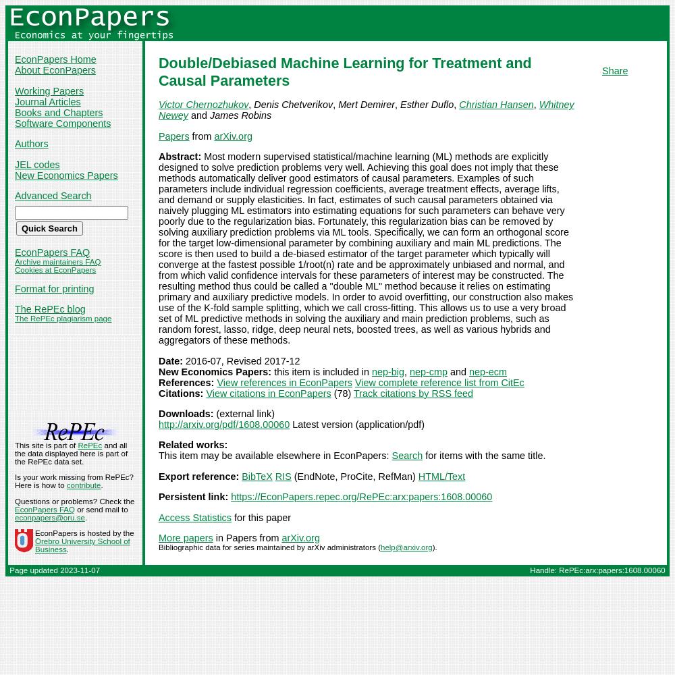  What do you see at coordinates (206, 392) in the screenshot?
I see `'View citations in EconPapers'` at bounding box center [206, 392].